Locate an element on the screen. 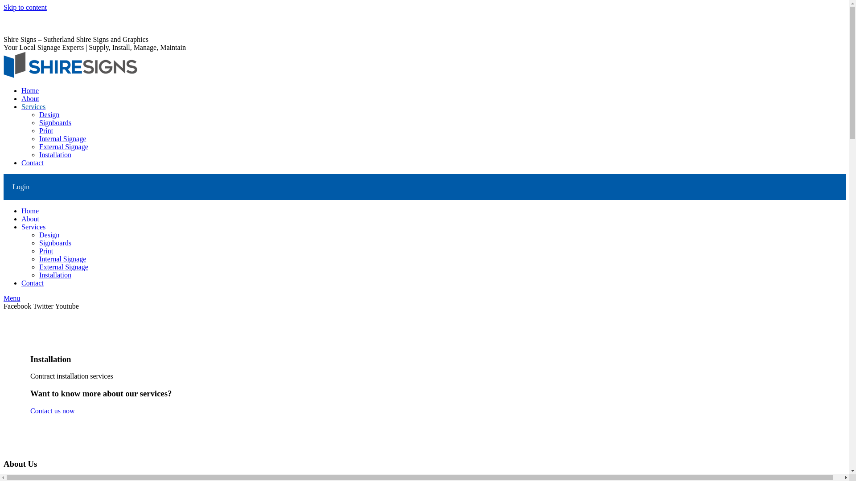 Image resolution: width=856 pixels, height=481 pixels. 'Menu' is located at coordinates (4, 298).